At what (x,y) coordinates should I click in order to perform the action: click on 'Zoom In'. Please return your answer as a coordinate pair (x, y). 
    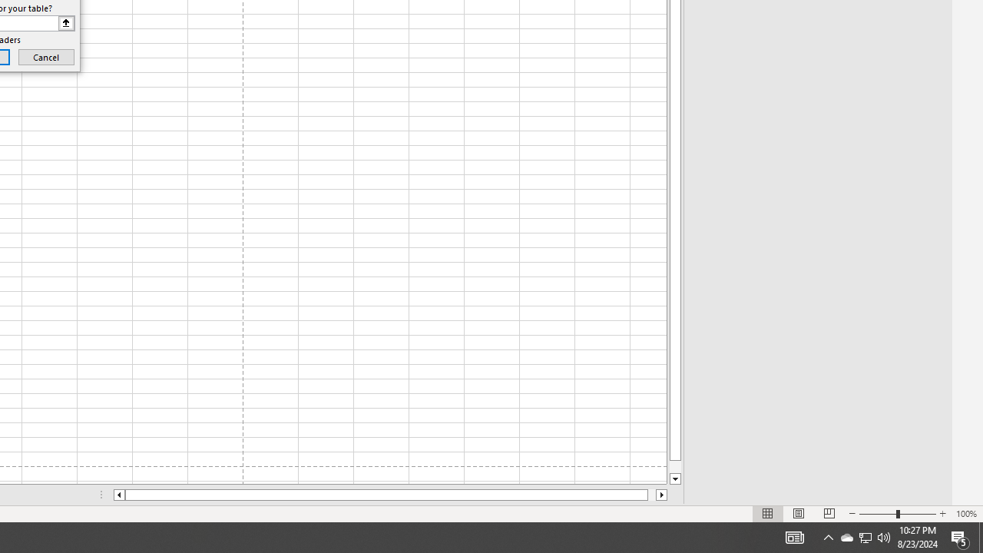
    Looking at the image, I should click on (942, 514).